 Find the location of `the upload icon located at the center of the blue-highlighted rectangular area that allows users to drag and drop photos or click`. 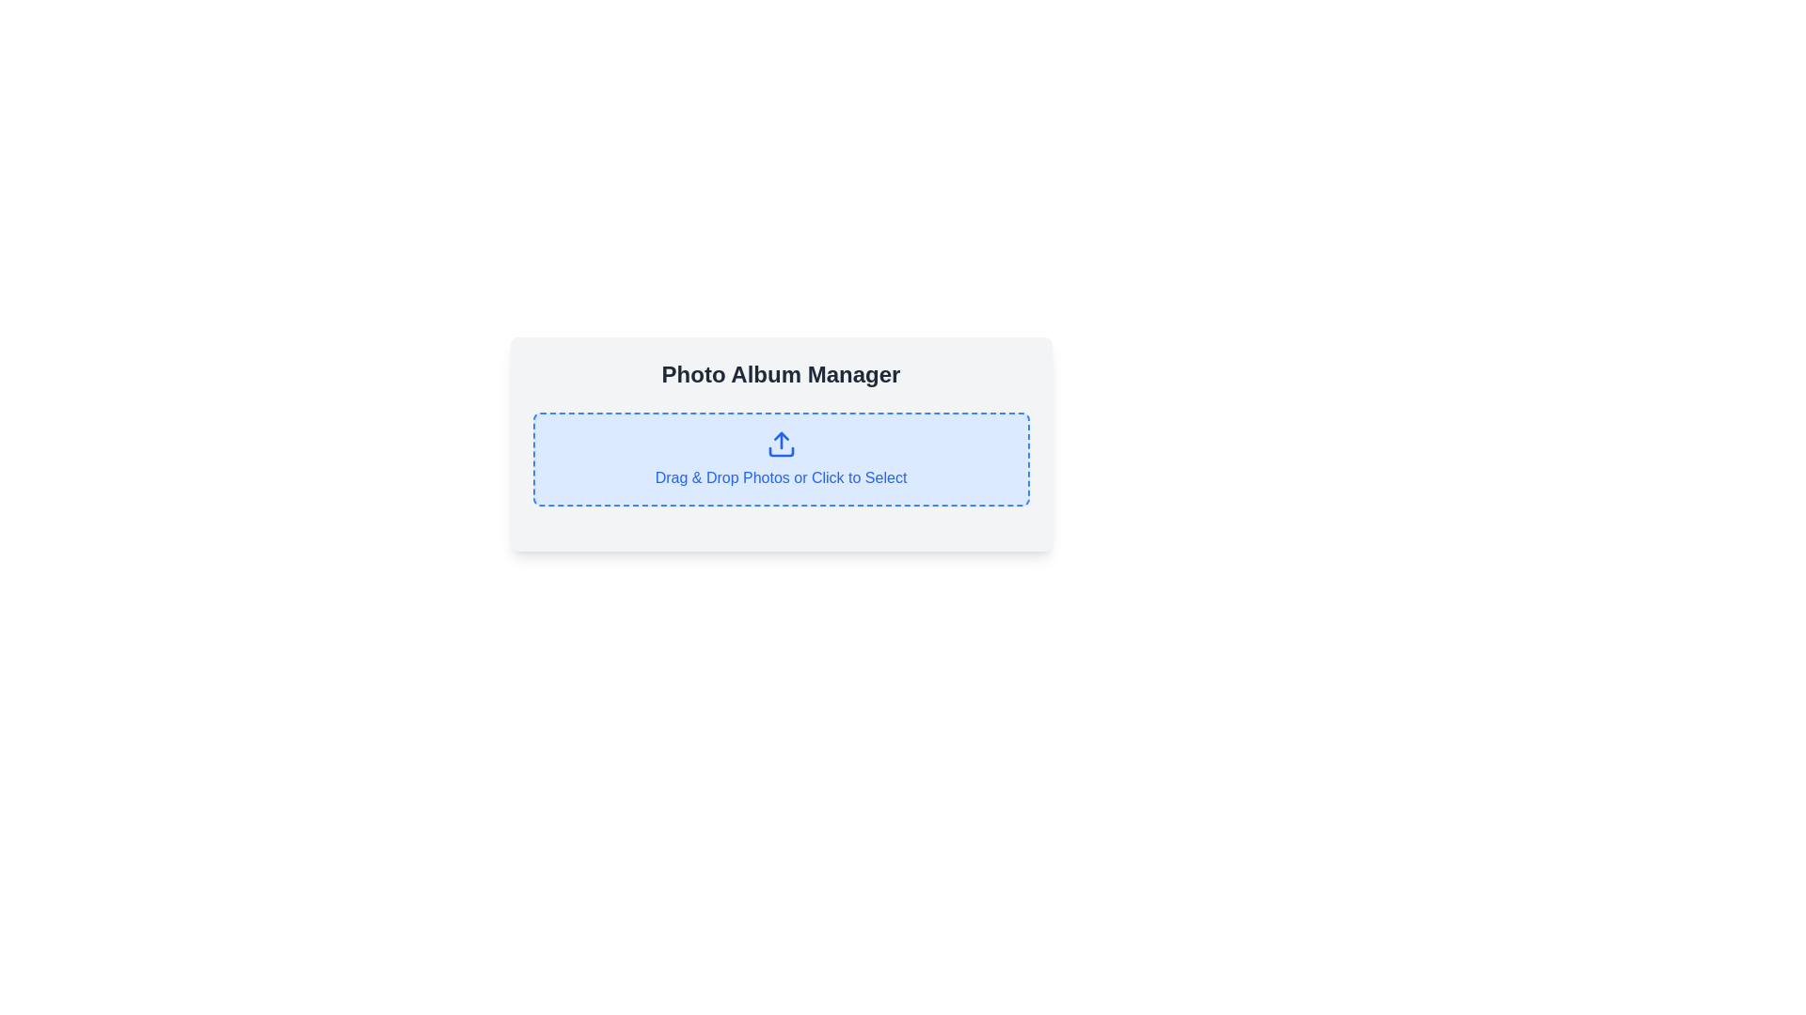

the upload icon located at the center of the blue-highlighted rectangular area that allows users to drag and drop photos or click is located at coordinates (781, 445).